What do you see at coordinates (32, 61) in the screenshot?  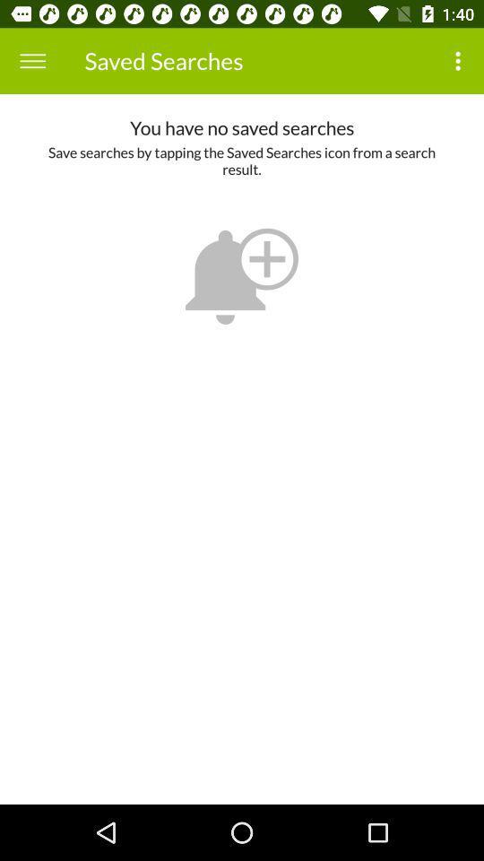 I see `the icon above you have no icon` at bounding box center [32, 61].